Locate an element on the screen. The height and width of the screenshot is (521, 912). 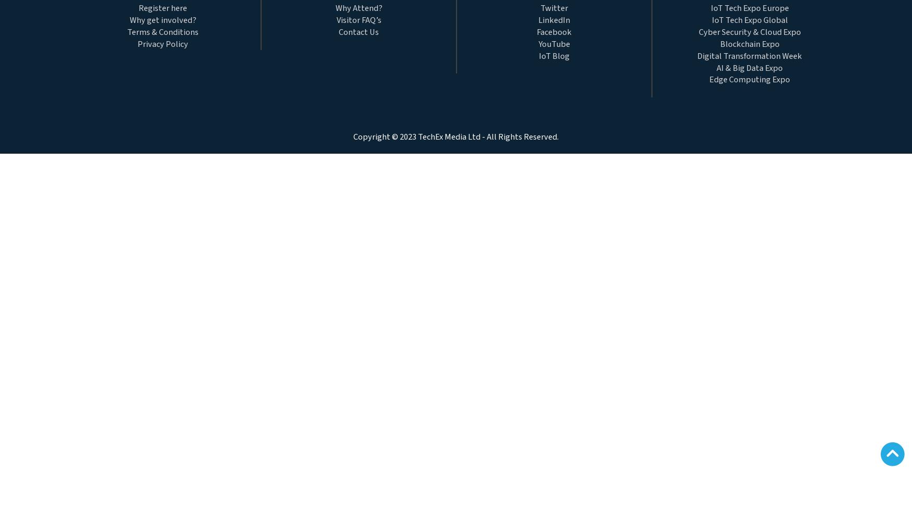
'IoT Tech Expo Global' is located at coordinates (748, 20).